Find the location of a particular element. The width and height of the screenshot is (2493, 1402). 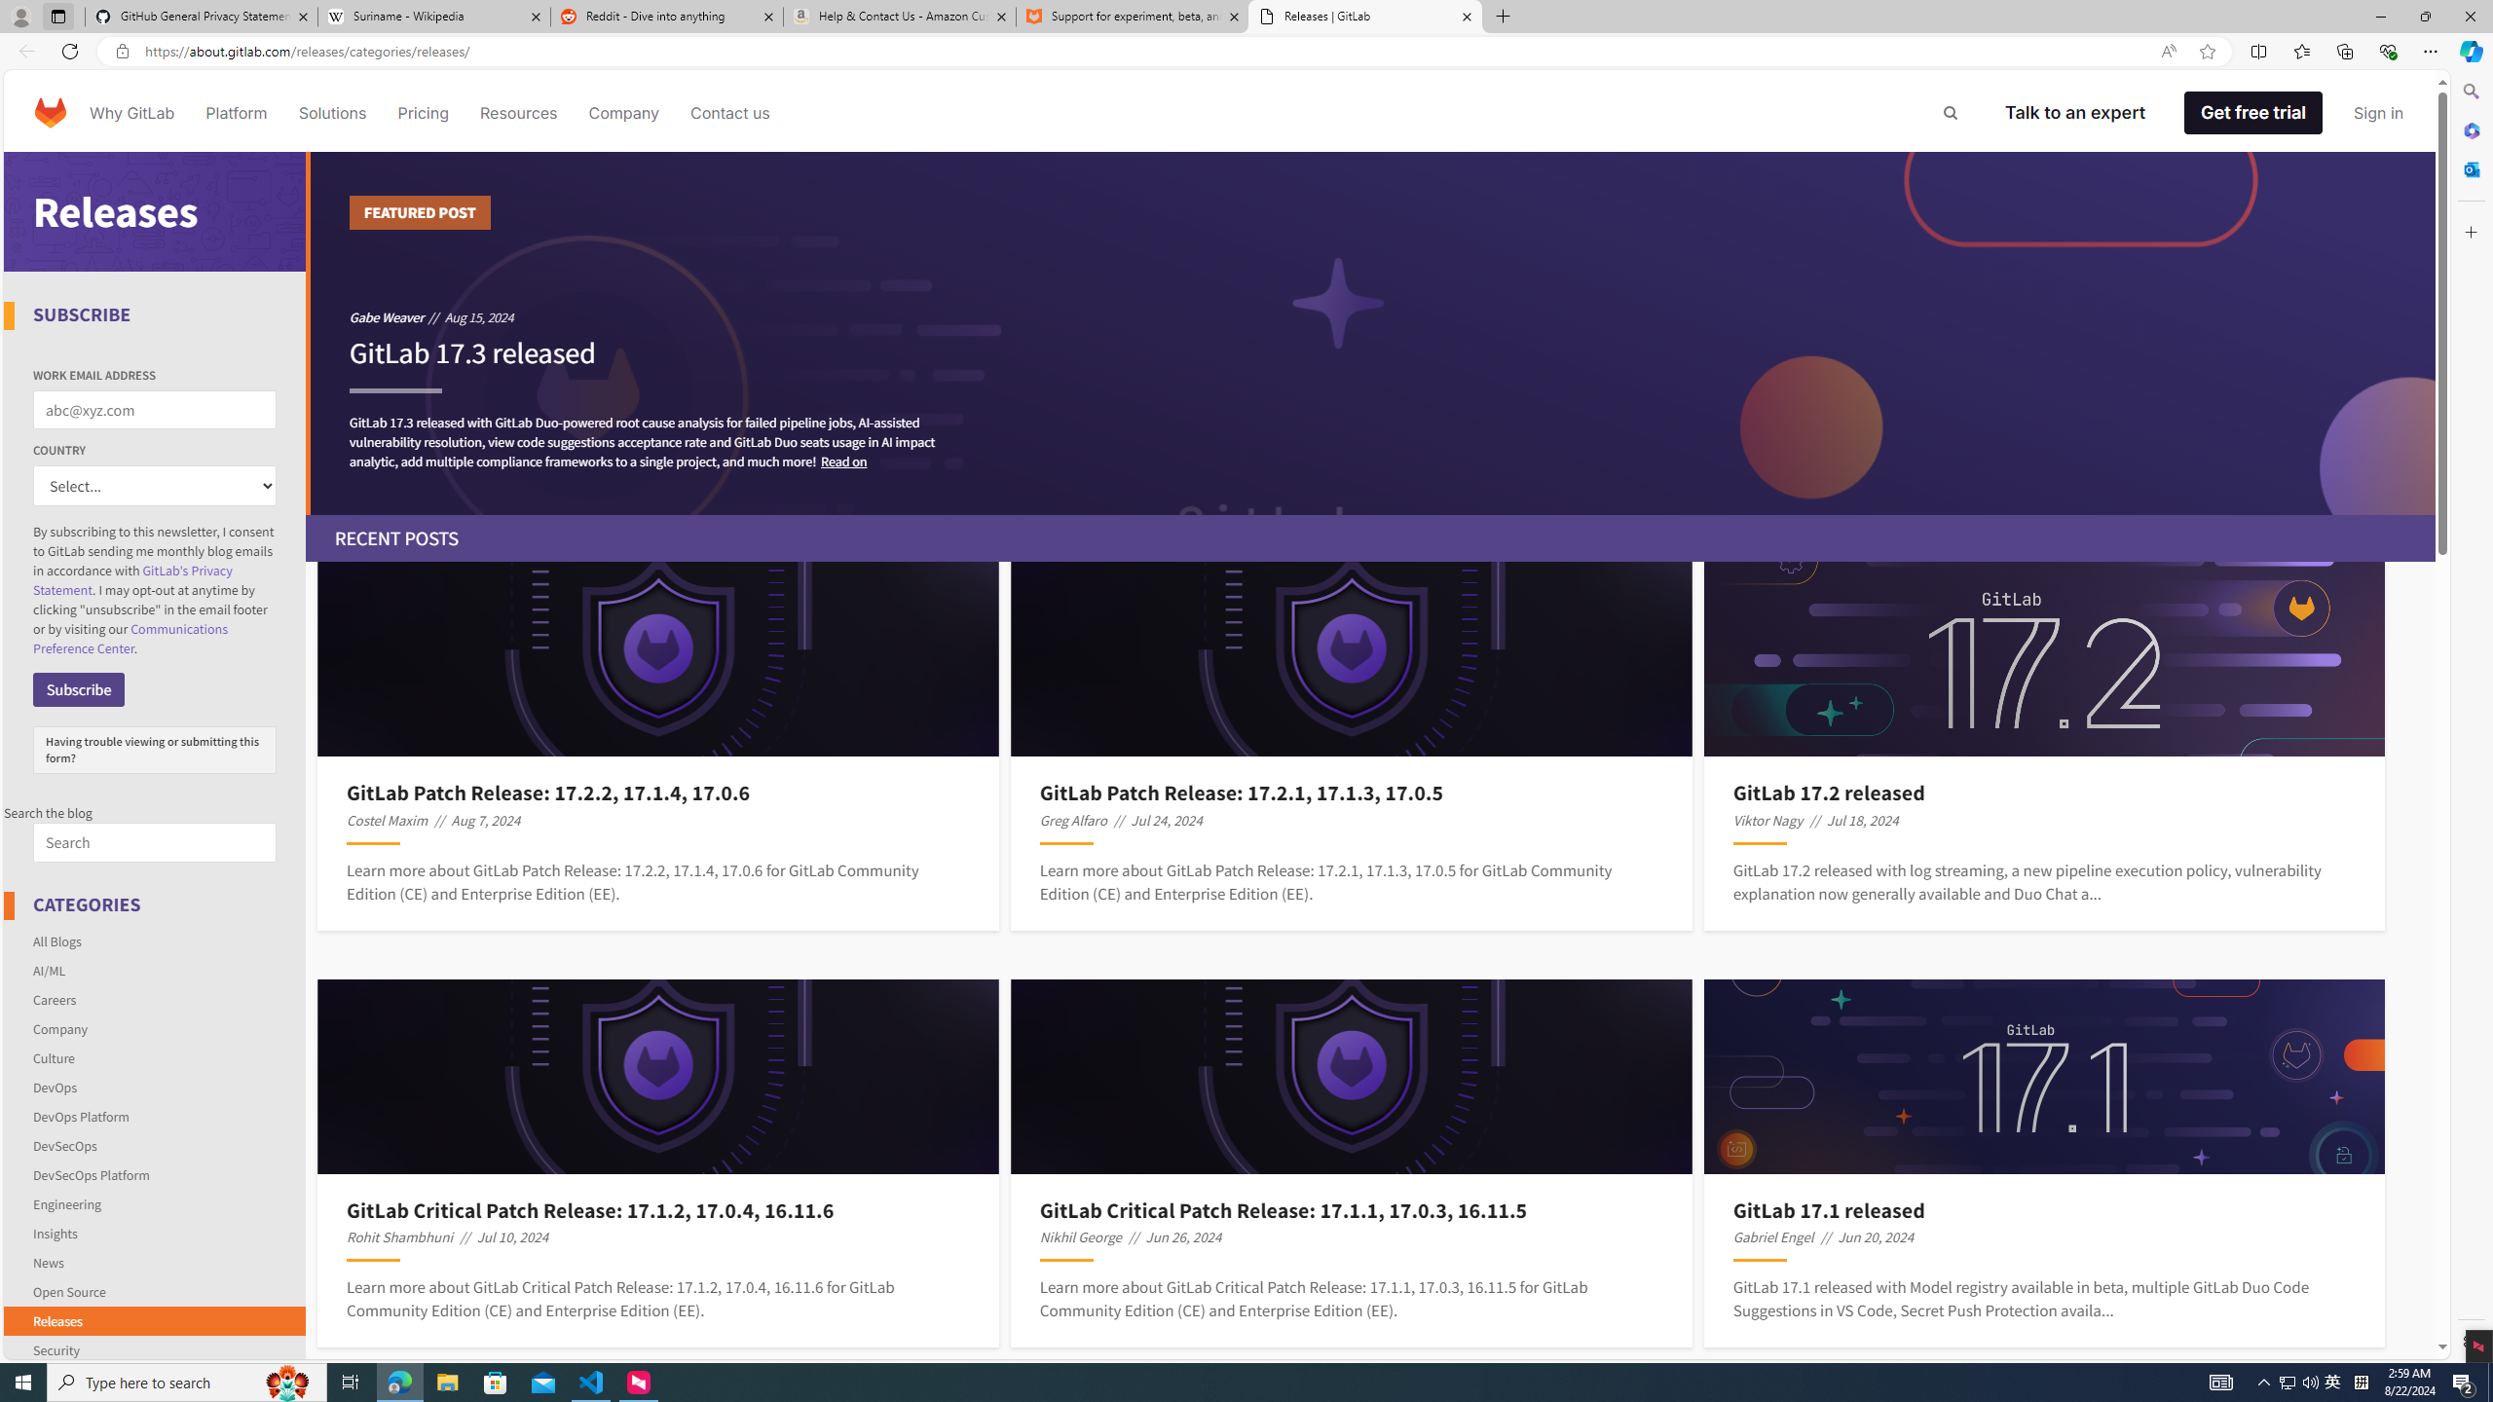

'Costel Maxim' is located at coordinates (388, 820).